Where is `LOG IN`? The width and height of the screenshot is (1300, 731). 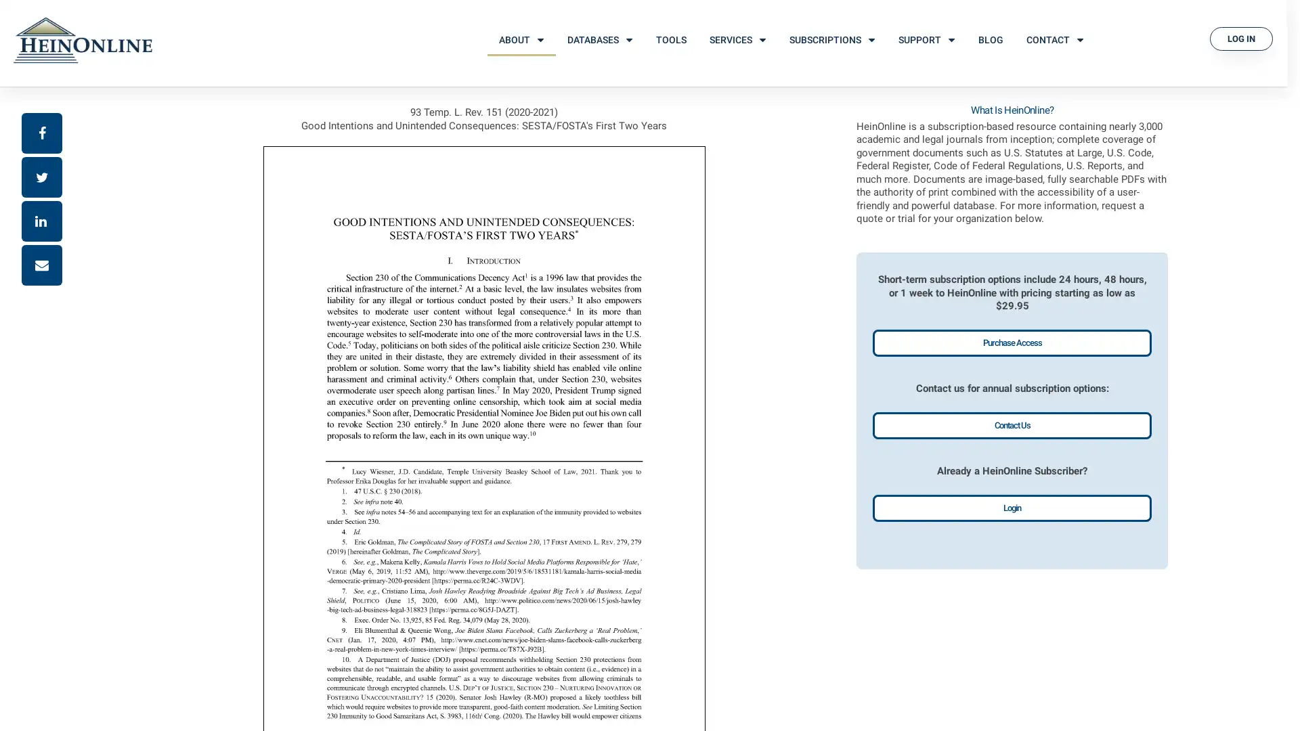 LOG IN is located at coordinates (1241, 38).